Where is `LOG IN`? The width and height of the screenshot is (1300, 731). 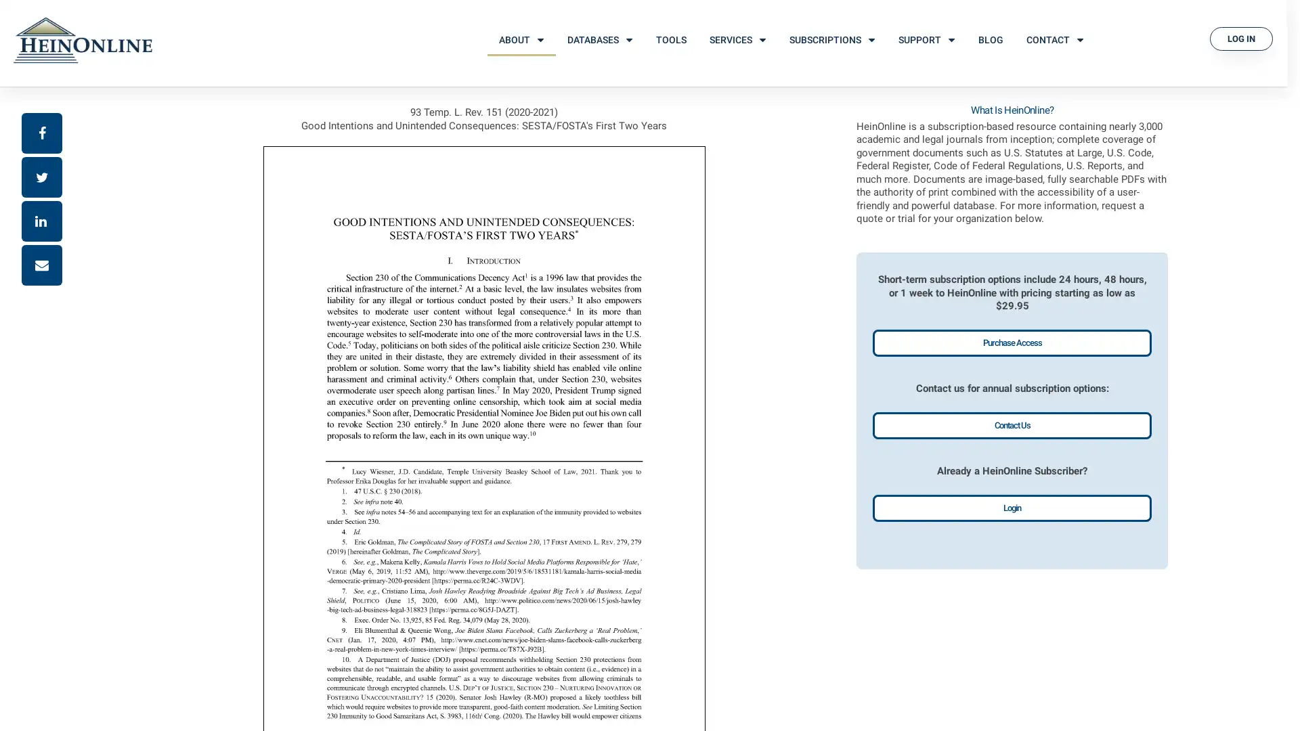 LOG IN is located at coordinates (1241, 38).